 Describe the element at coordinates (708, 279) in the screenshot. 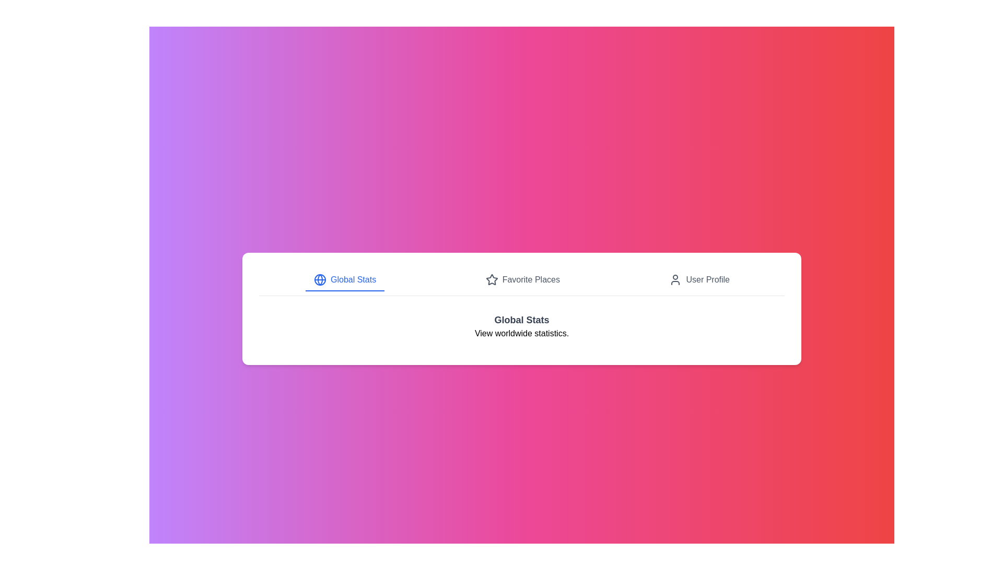

I see `the 'User Profile' text label located in the top navigation bar at the far right` at that location.